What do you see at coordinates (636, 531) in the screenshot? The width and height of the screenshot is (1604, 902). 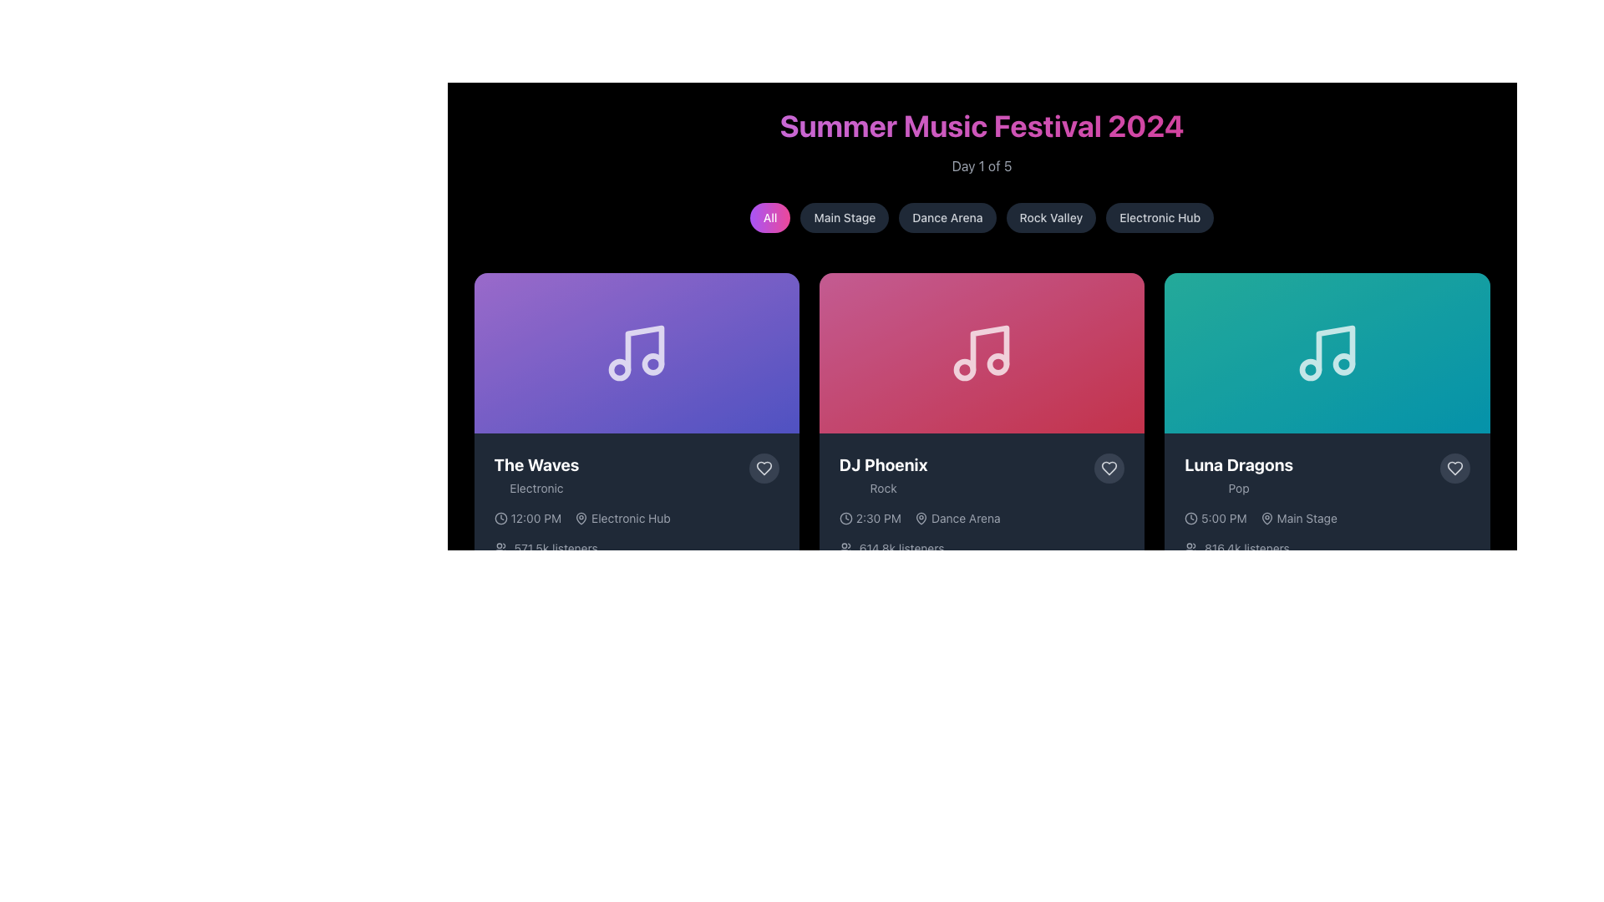 I see `the informational section displaying 'The Waves' music set, which includes the title, genre, time, location, and listener count` at bounding box center [636, 531].